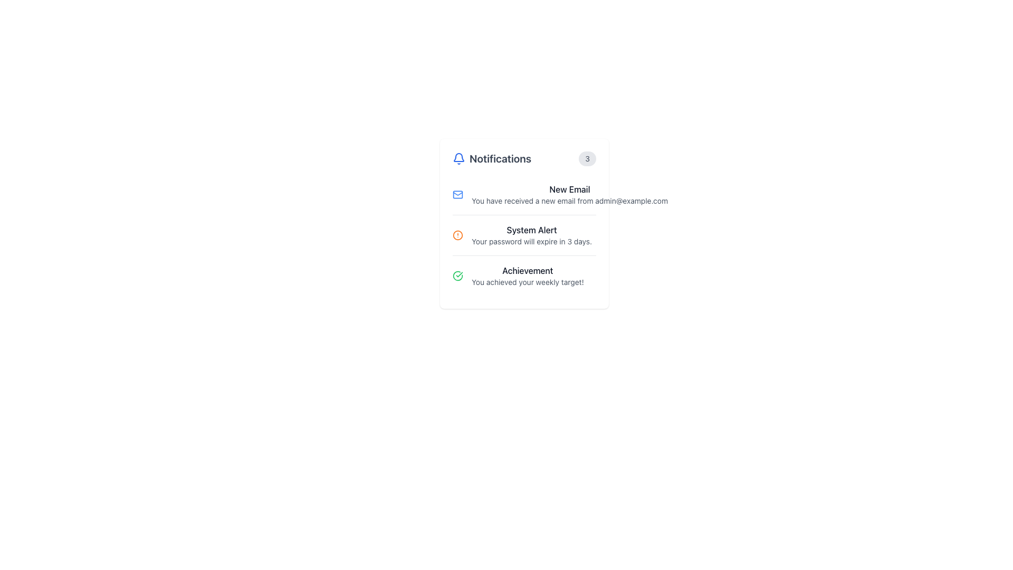 This screenshot has height=570, width=1013. Describe the element at coordinates (524, 234) in the screenshot. I see `the second notification entry labeled 'System Alert' that contains a warning icon and a message about password expiration` at that location.